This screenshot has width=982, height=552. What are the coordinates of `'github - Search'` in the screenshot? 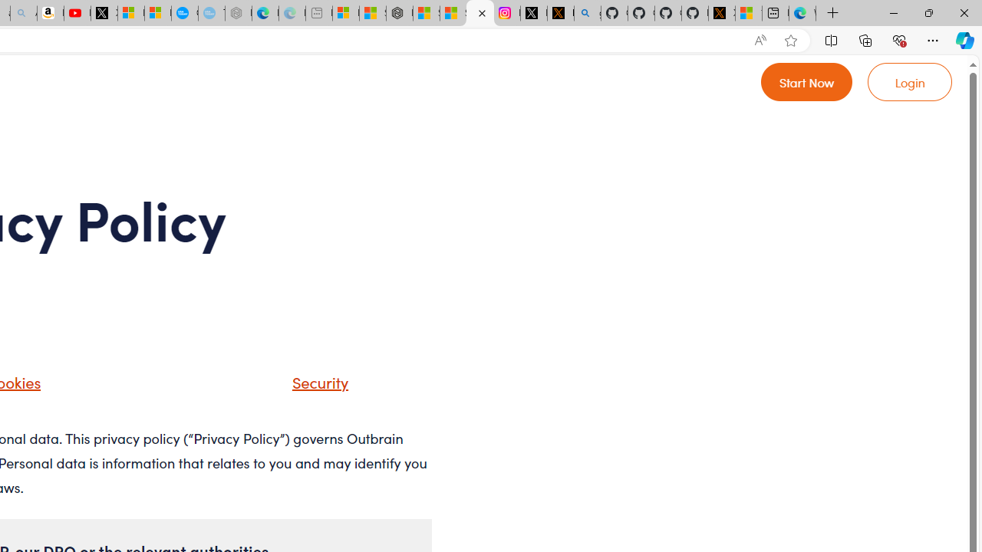 It's located at (587, 13).